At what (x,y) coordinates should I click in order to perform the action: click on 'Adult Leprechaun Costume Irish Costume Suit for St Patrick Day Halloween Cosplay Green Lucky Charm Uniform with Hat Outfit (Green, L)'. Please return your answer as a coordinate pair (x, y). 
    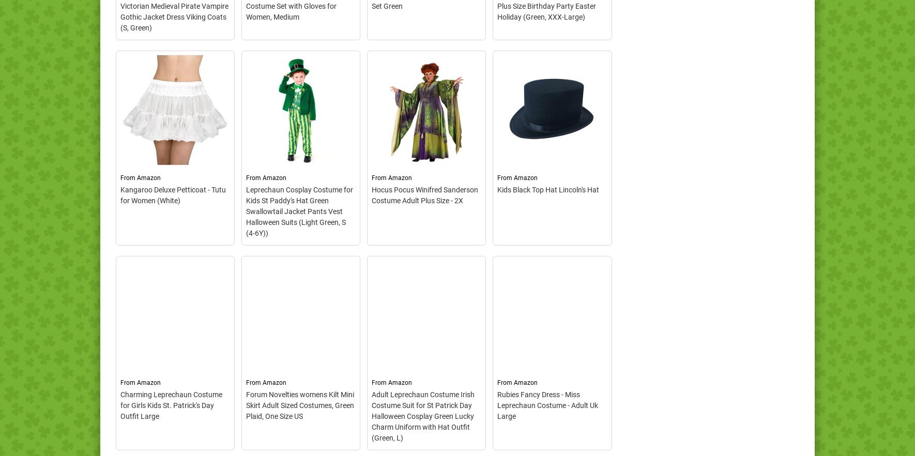
    Looking at the image, I should click on (423, 415).